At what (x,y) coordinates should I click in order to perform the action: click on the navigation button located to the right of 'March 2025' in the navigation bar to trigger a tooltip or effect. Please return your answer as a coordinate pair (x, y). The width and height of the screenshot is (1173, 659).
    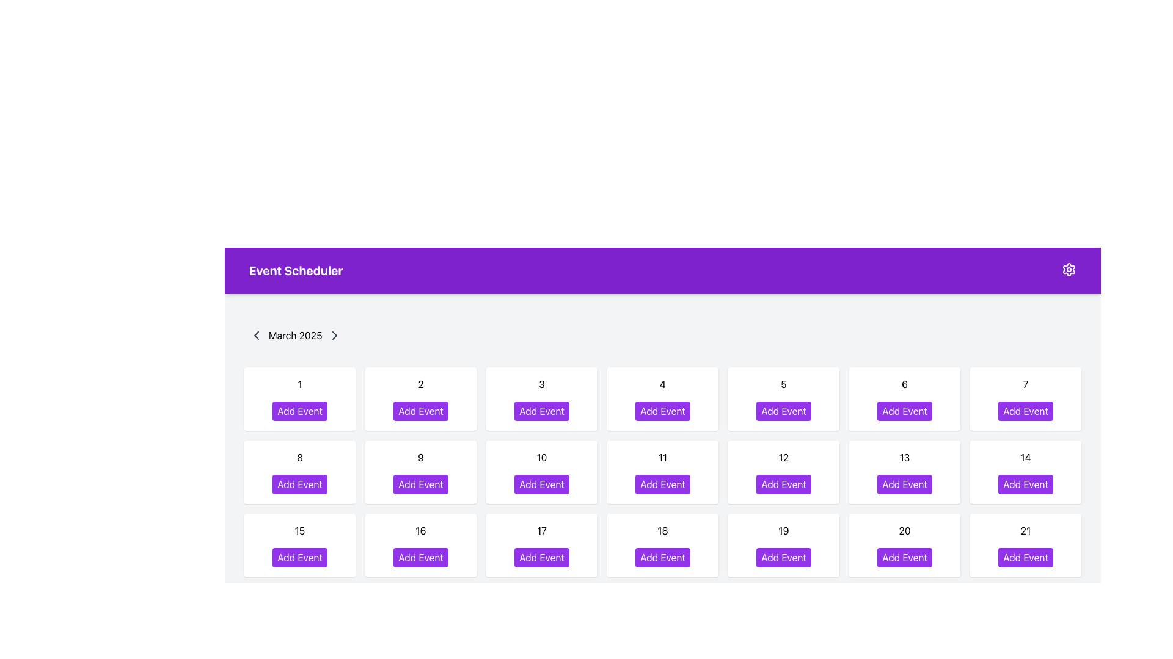
    Looking at the image, I should click on (334, 336).